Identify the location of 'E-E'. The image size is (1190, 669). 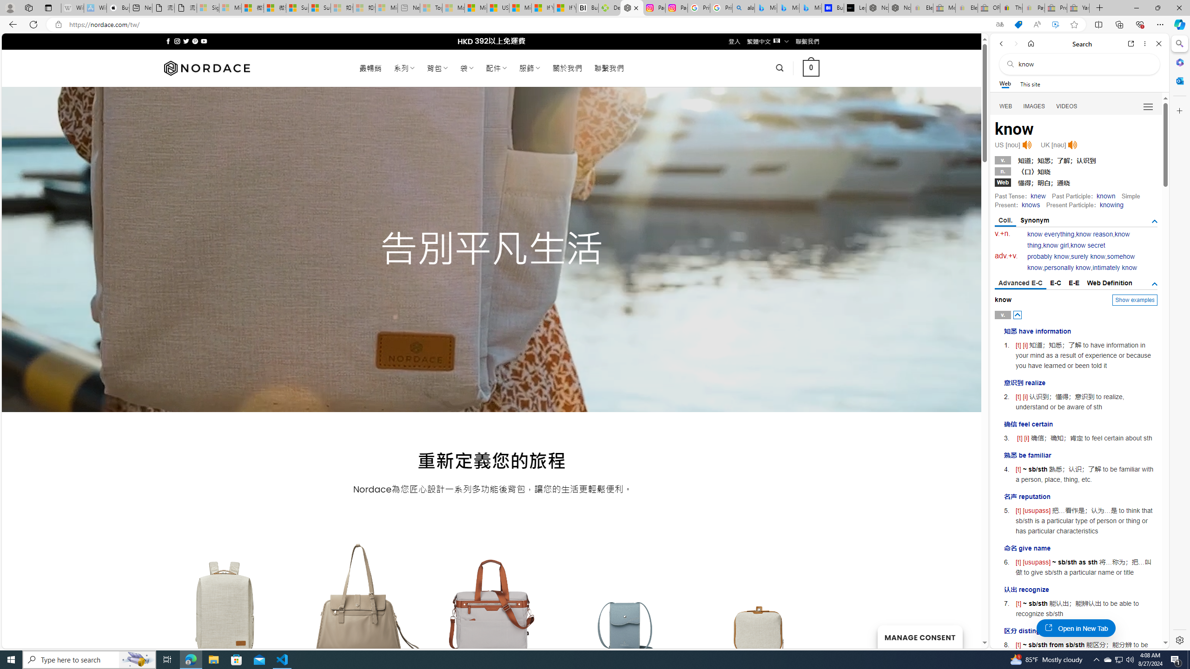
(1074, 282).